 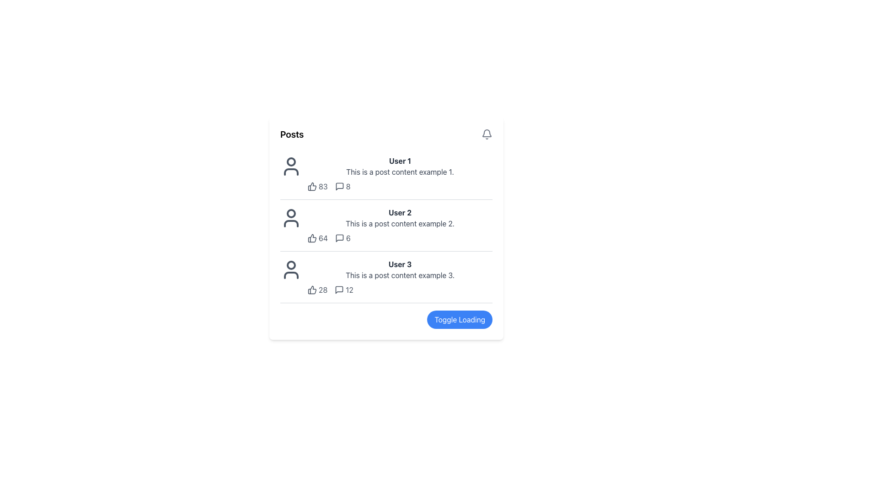 What do you see at coordinates (400, 174) in the screenshot?
I see `the first Post Display Block, which presents the details of a post including the author's name, content, and engagement metrics` at bounding box center [400, 174].